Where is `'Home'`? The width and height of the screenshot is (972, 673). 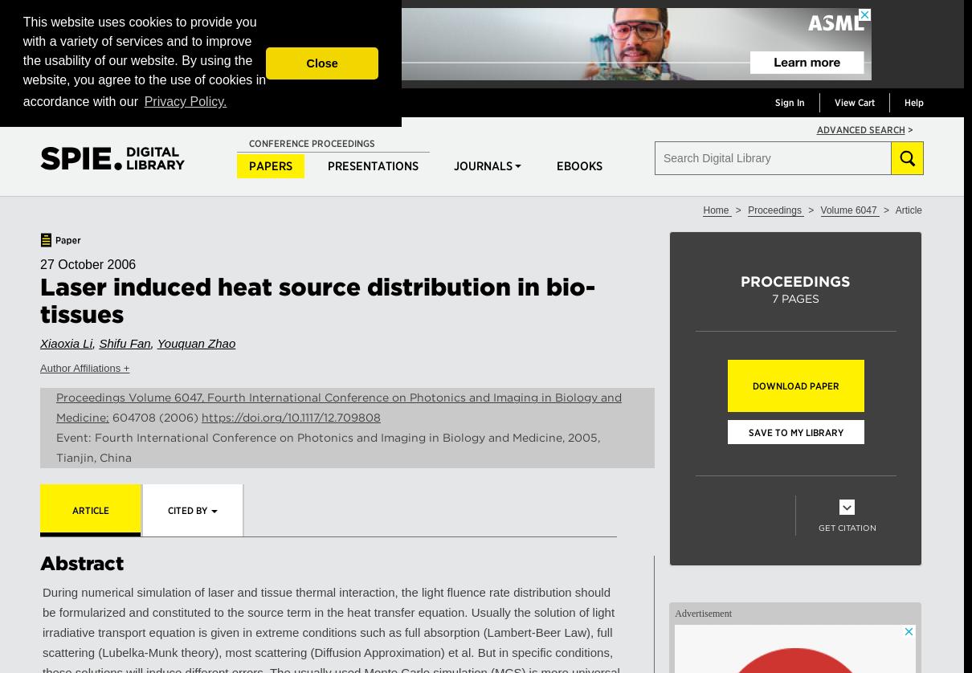 'Home' is located at coordinates (716, 209).